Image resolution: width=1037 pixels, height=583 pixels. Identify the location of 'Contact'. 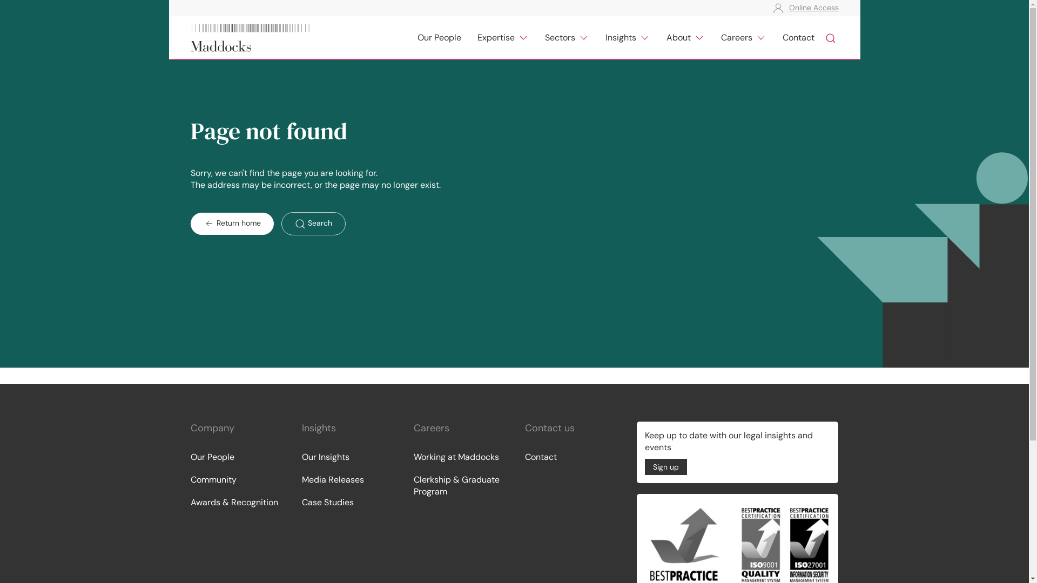
(569, 457).